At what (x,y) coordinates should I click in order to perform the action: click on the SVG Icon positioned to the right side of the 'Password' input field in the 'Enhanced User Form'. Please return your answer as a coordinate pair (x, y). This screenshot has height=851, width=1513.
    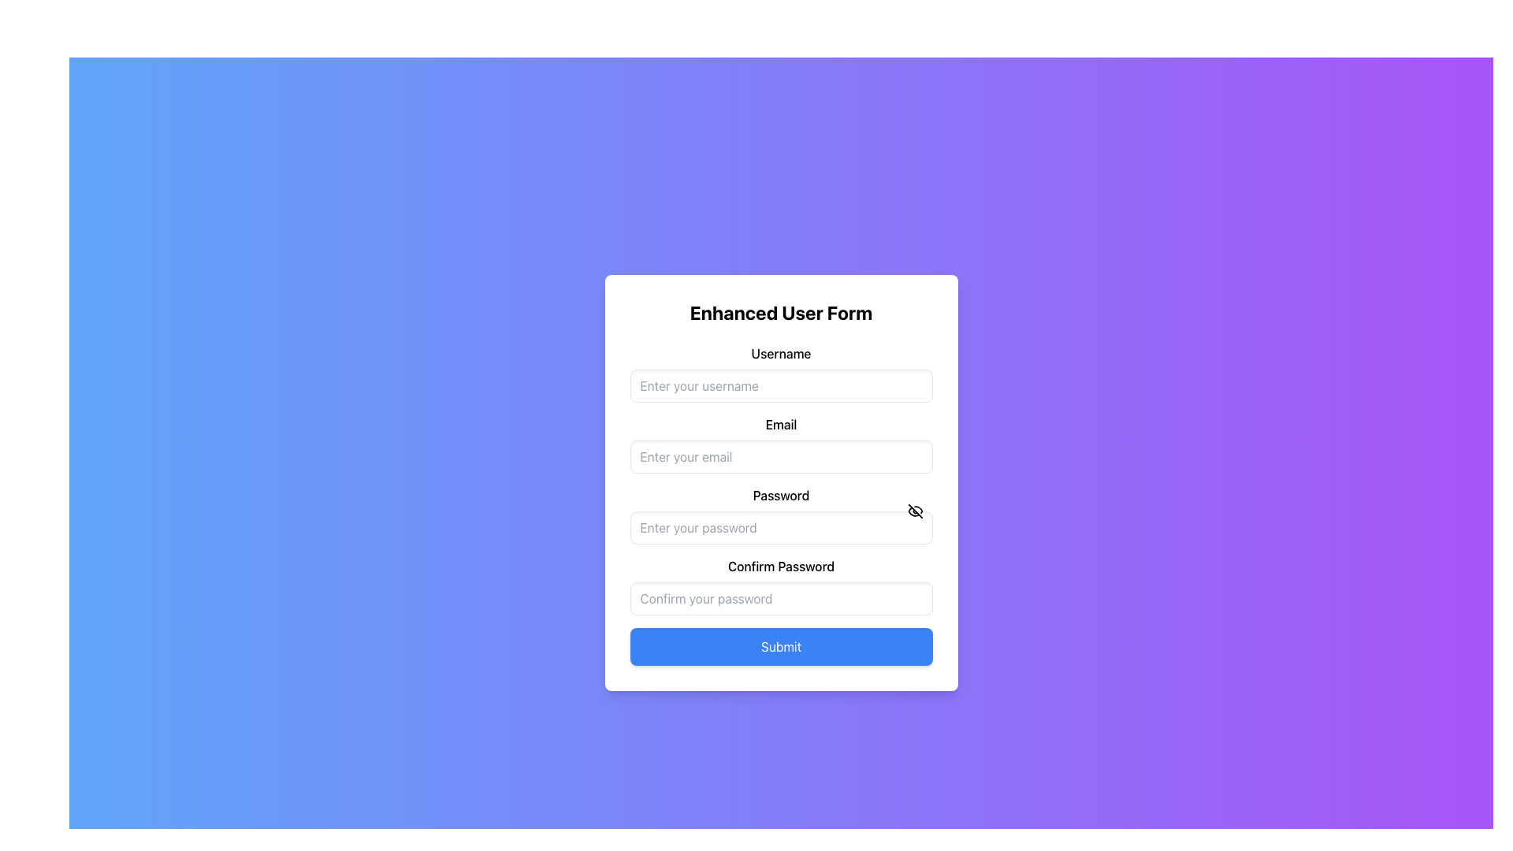
    Looking at the image, I should click on (915, 511).